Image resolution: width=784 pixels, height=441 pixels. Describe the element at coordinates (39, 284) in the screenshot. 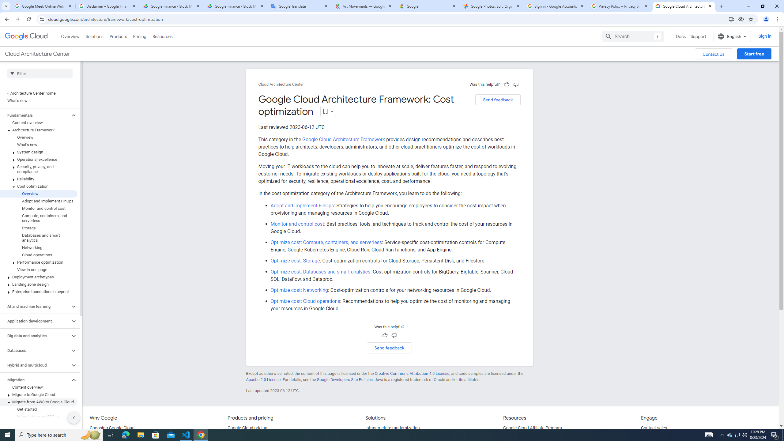

I see `'Landing zone design'` at that location.